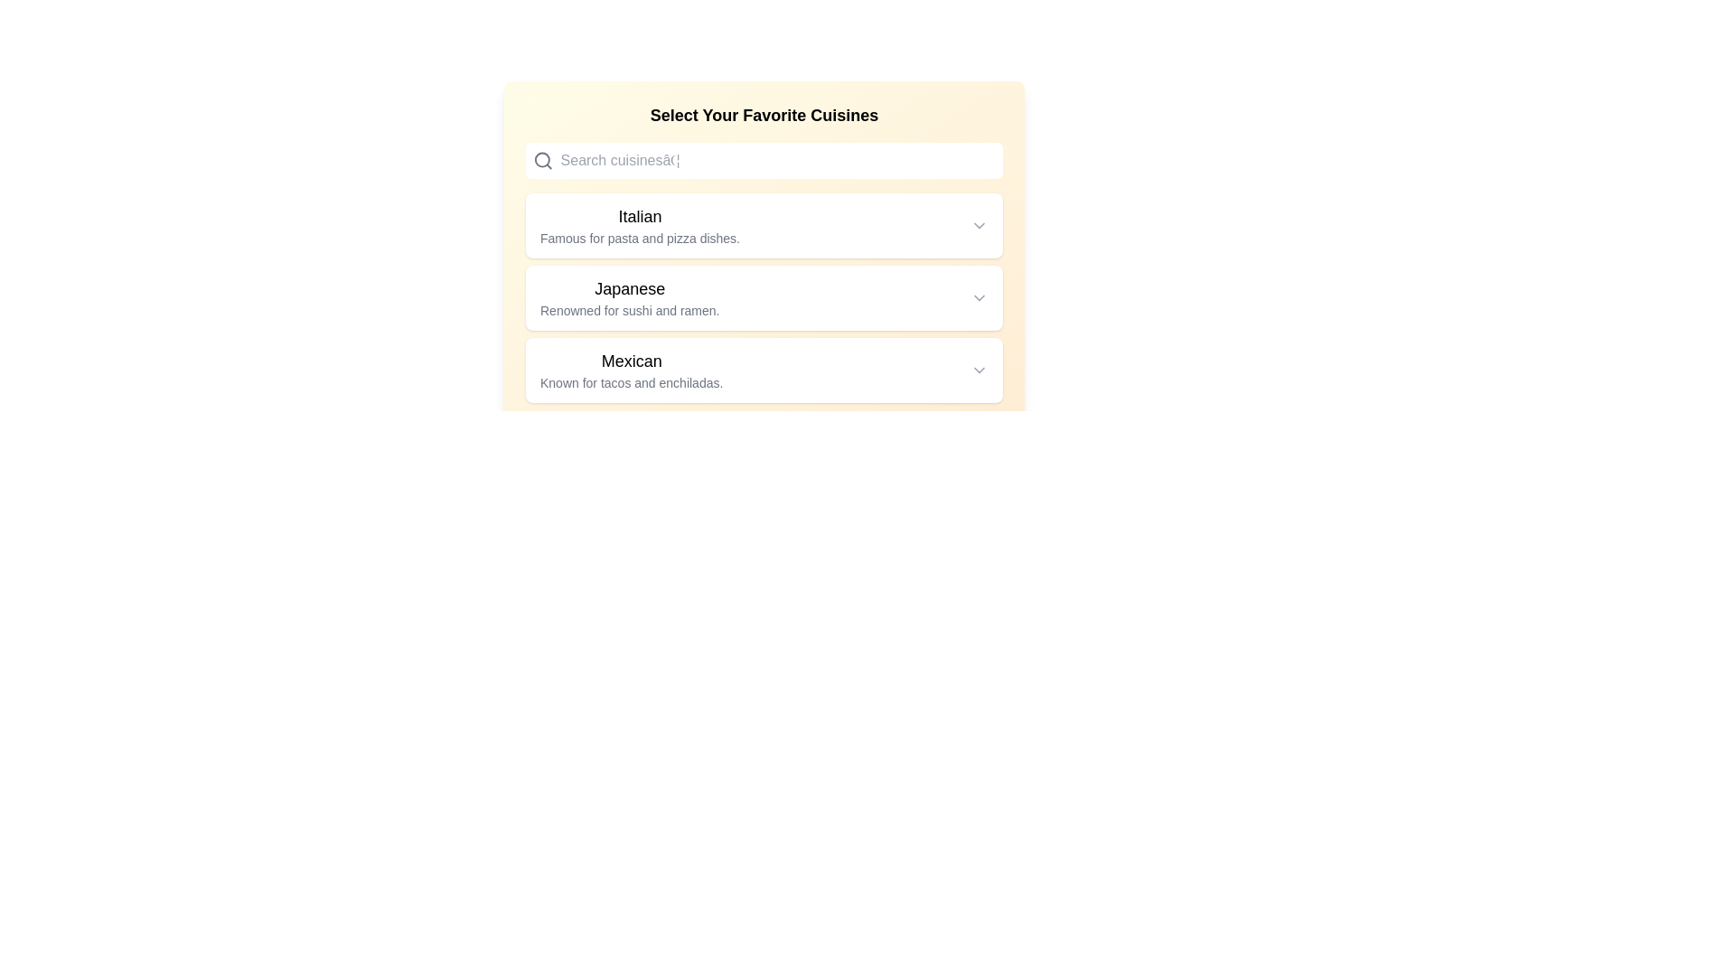 The width and height of the screenshot is (1735, 976). I want to click on the text label that reads 'Famous for pasta and pizza dishes.' which is styled as subtext below the main heading 'Italian', so click(640, 237).